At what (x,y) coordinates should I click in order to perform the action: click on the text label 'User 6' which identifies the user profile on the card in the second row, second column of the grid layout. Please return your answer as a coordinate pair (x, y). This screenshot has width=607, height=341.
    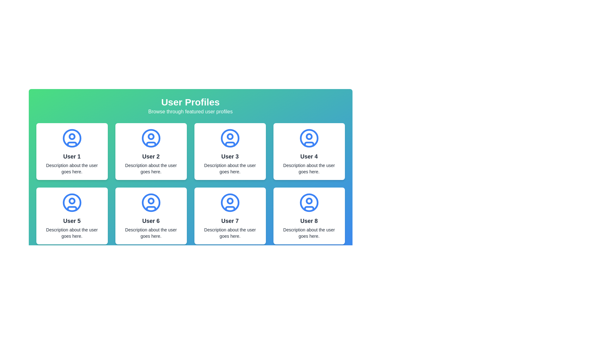
    Looking at the image, I should click on (150, 220).